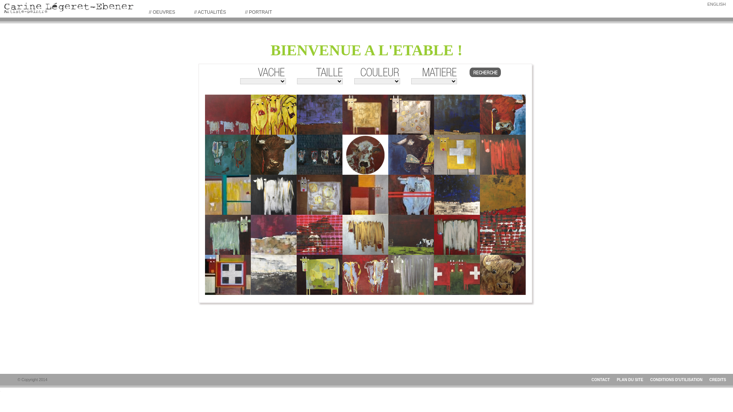  Describe the element at coordinates (716, 4) in the screenshot. I see `'ENGLISH'` at that location.